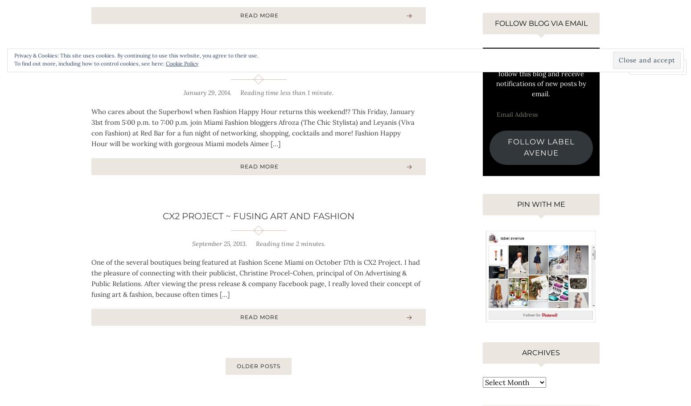 Image resolution: width=691 pixels, height=406 pixels. Describe the element at coordinates (218, 242) in the screenshot. I see `'September 25, 2013'` at that location.